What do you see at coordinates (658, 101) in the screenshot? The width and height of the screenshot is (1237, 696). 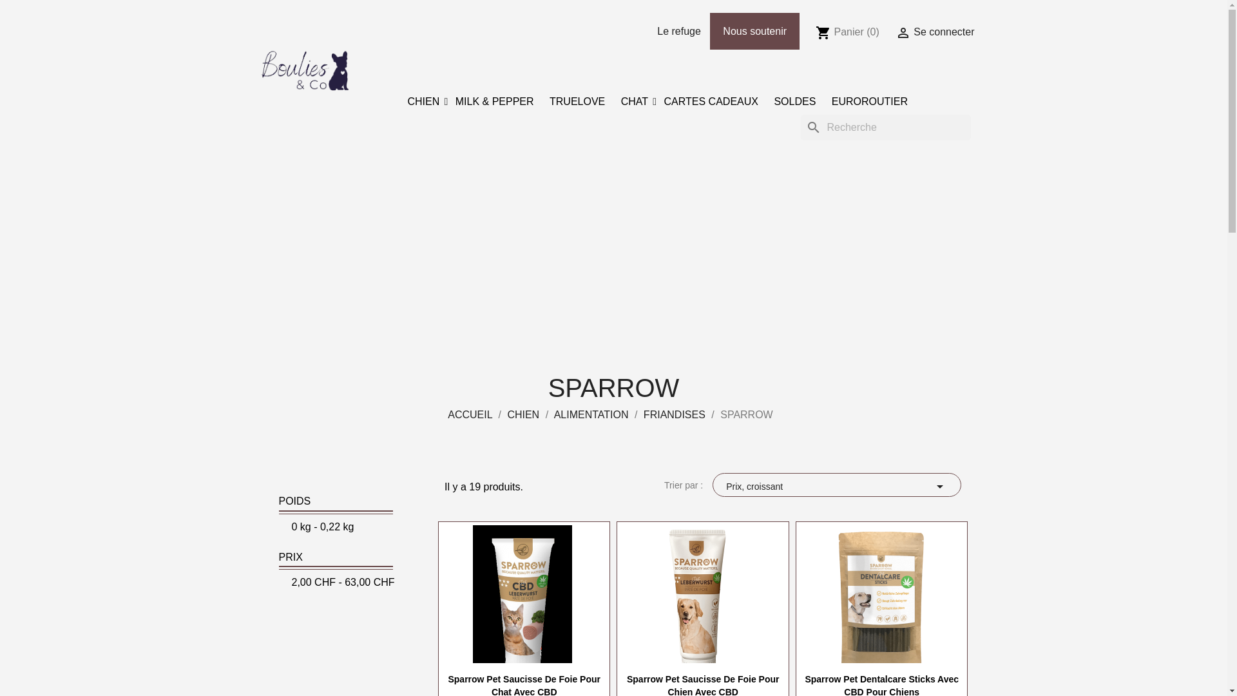 I see `'CARTES CADEAUX'` at bounding box center [658, 101].